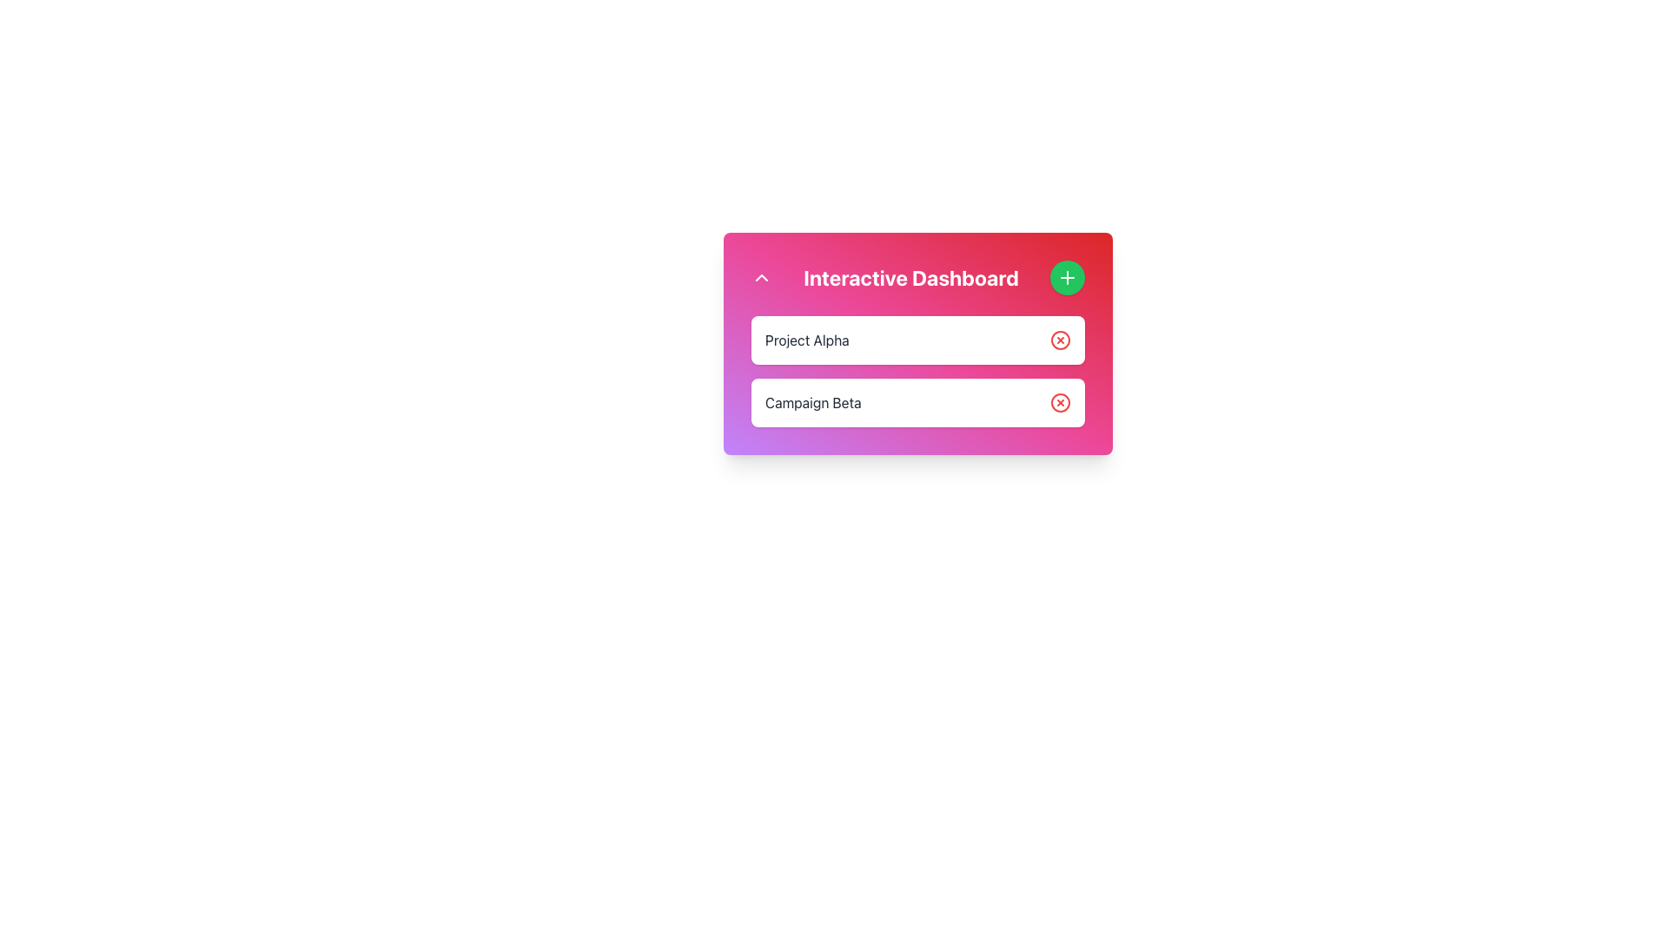 Image resolution: width=1668 pixels, height=938 pixels. I want to click on the toggle button located in the top-left corner of the 'Interactive Dashboard' section, so click(762, 277).